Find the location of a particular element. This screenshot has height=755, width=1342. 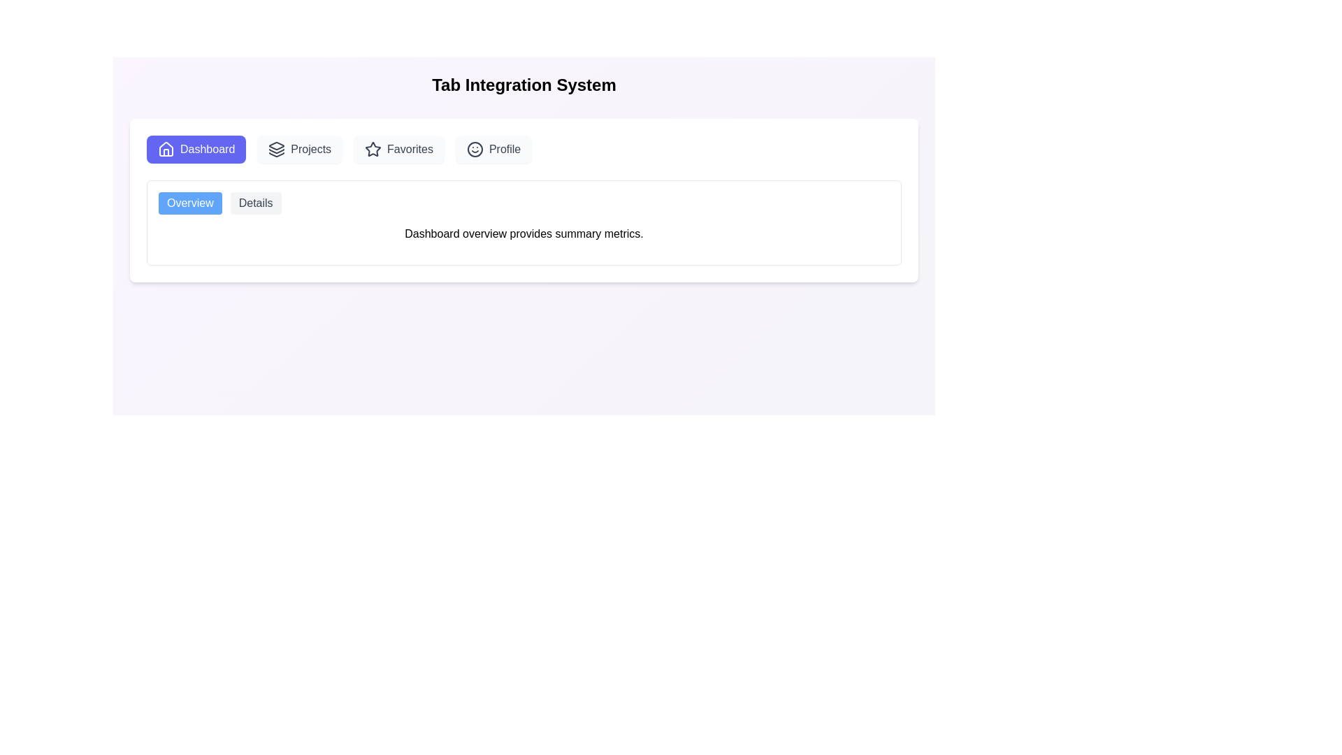

the text element that contains 'Dashboard overview provides summary metrics.' positioned below the 'Overview' and 'Details' tabs is located at coordinates (523, 233).